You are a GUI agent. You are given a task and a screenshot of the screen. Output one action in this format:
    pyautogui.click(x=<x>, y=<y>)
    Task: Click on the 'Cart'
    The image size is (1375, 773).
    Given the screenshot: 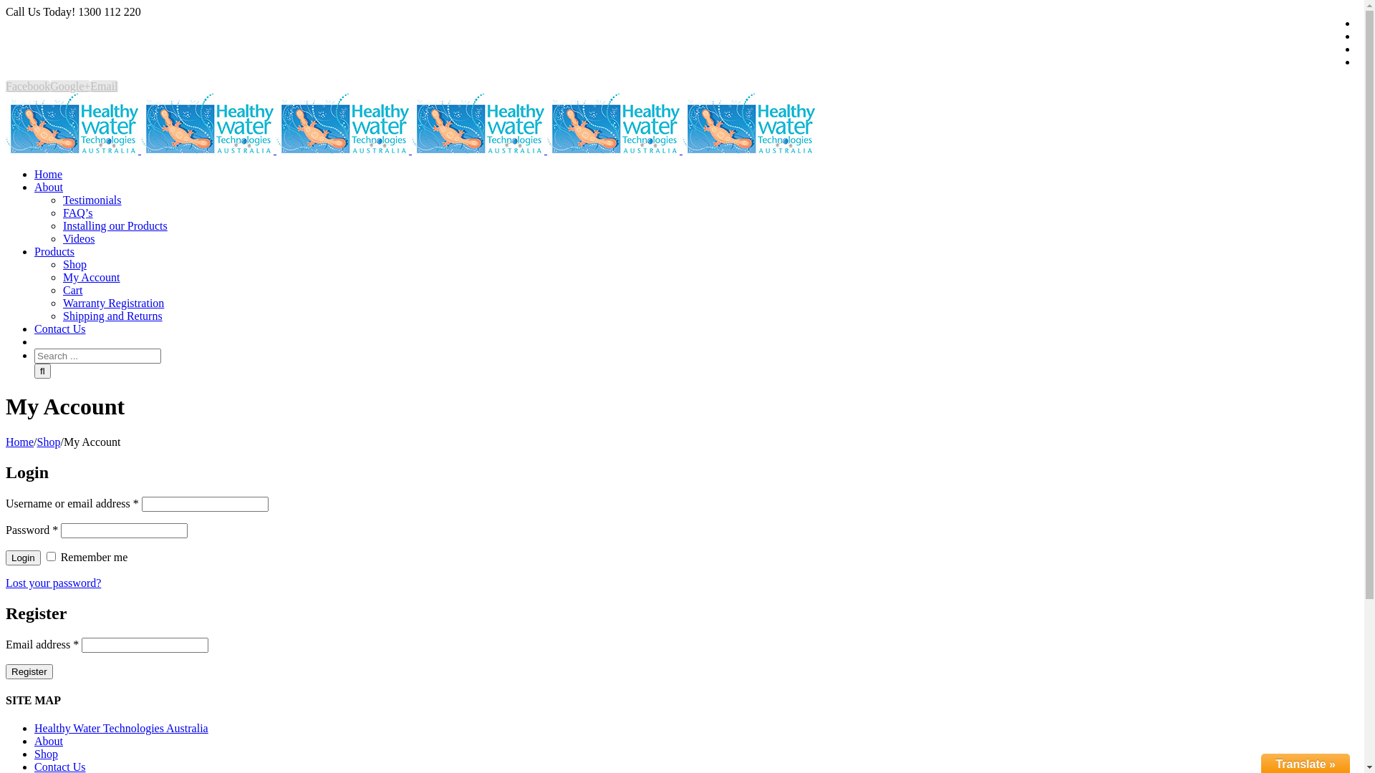 What is the action you would take?
    pyautogui.click(x=62, y=290)
    